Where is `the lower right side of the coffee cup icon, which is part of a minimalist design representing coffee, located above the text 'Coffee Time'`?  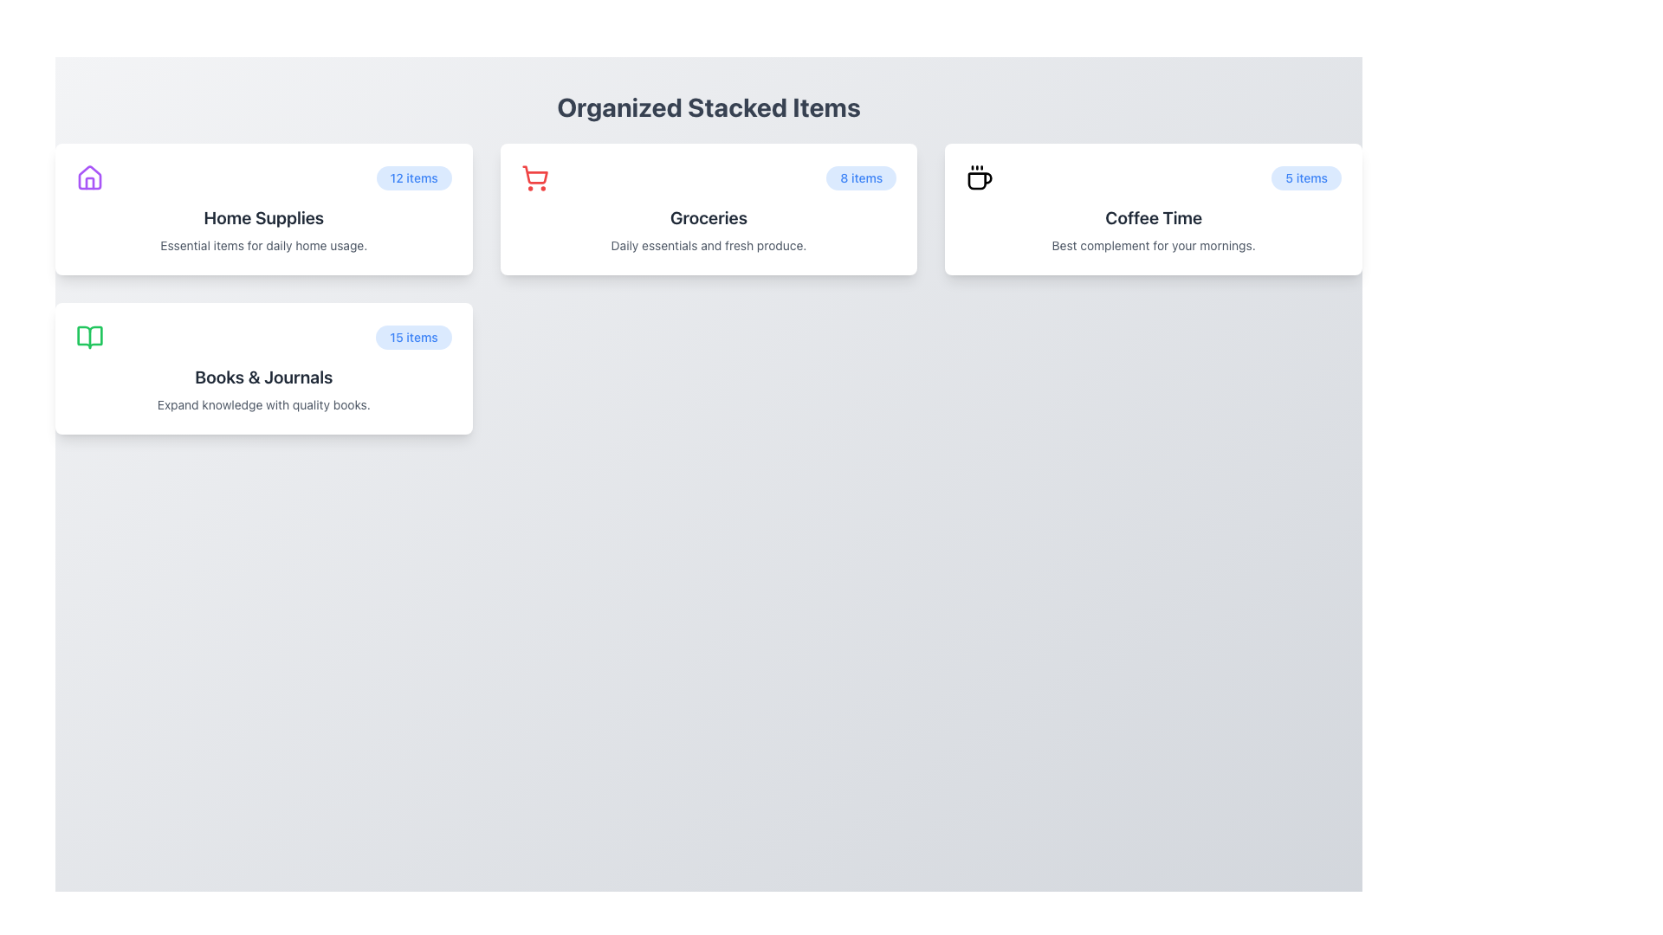
the lower right side of the coffee cup icon, which is part of a minimalist design representing coffee, located above the text 'Coffee Time' is located at coordinates (980, 181).